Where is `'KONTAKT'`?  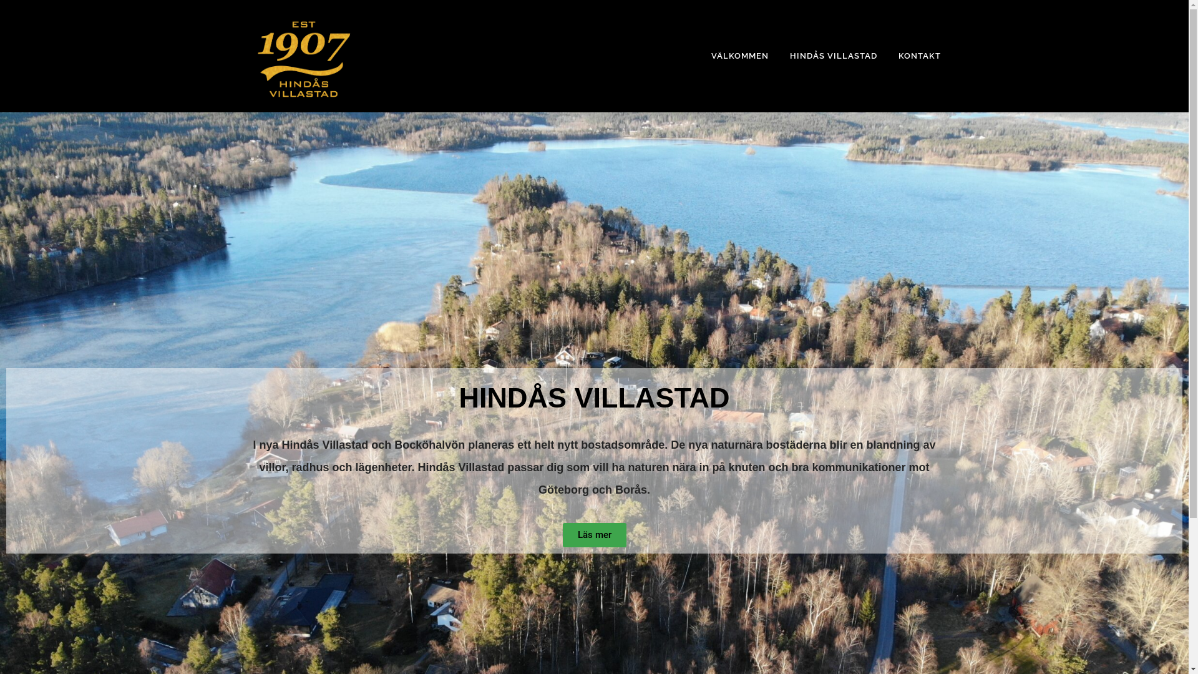 'KONTAKT' is located at coordinates (886, 55).